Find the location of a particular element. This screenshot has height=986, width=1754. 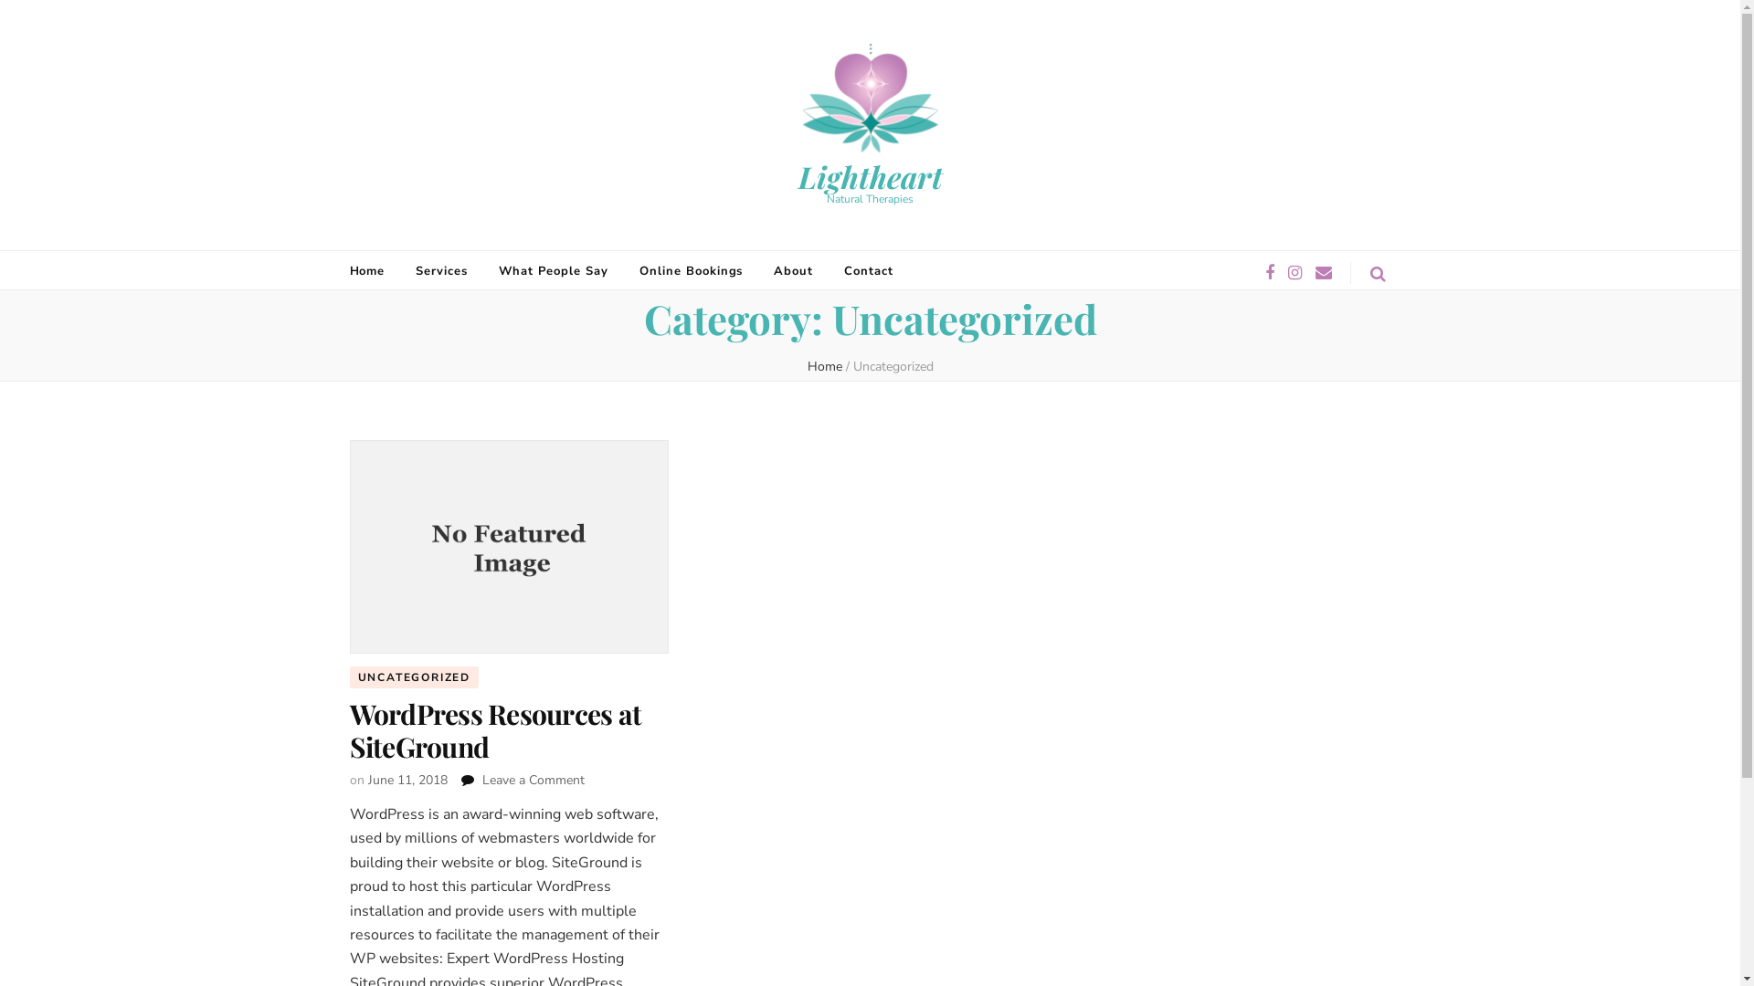

'Online Bookings' is located at coordinates (691, 271).